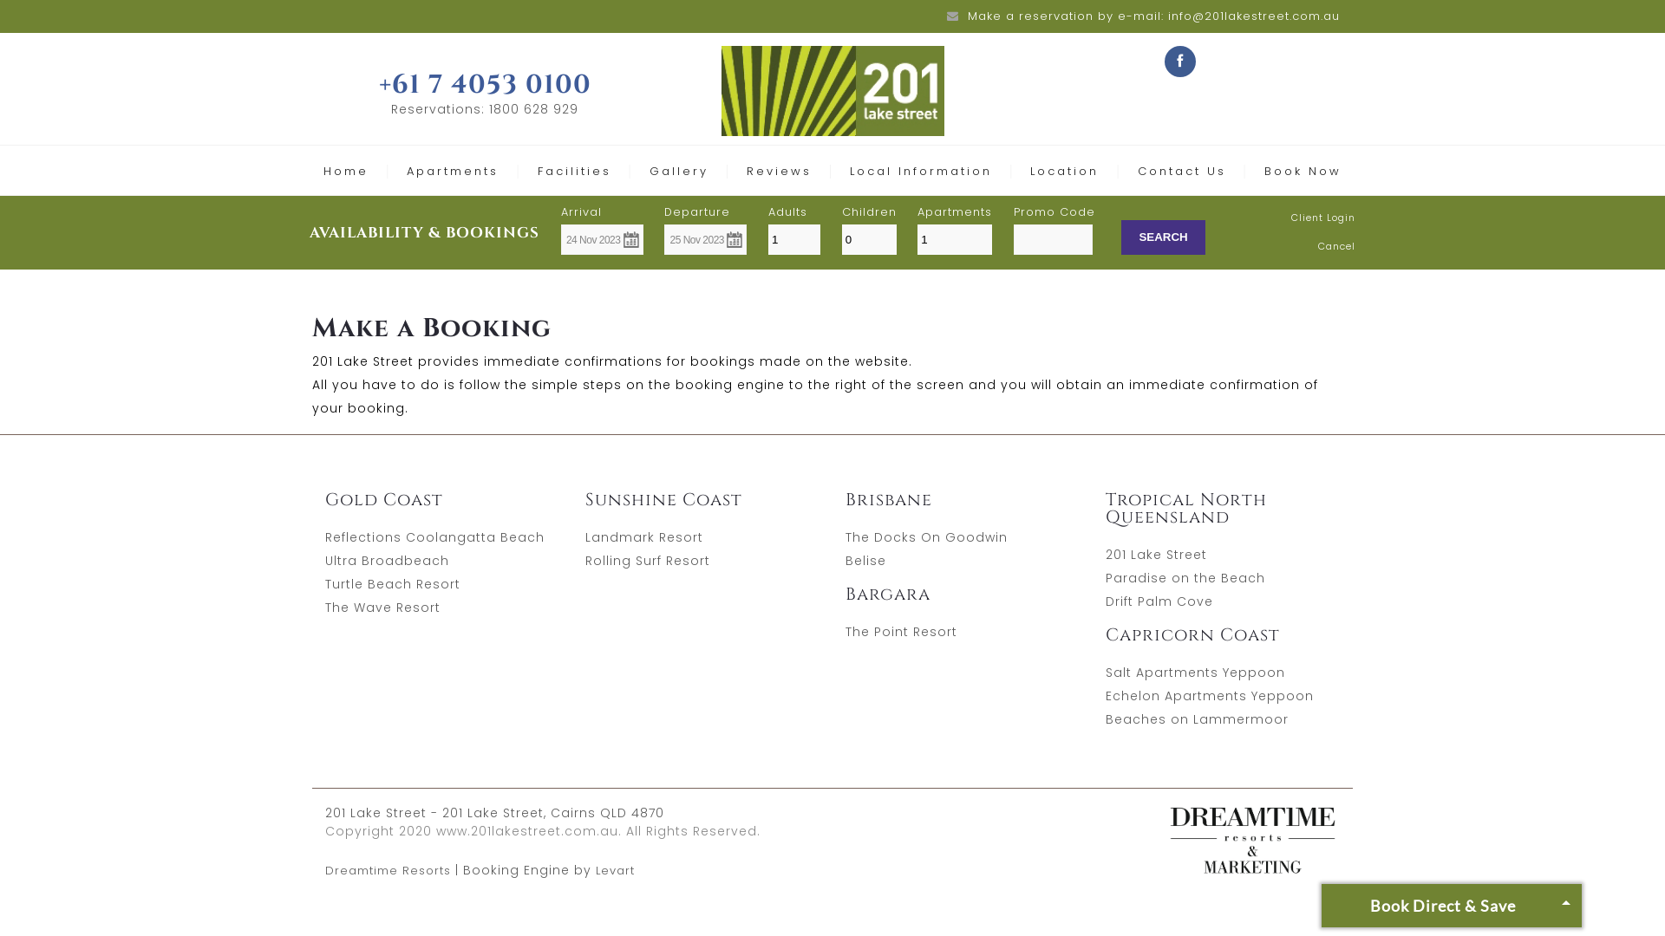 This screenshot has height=936, width=1665. What do you see at coordinates (647, 561) in the screenshot?
I see `'Rolling Surf Resort'` at bounding box center [647, 561].